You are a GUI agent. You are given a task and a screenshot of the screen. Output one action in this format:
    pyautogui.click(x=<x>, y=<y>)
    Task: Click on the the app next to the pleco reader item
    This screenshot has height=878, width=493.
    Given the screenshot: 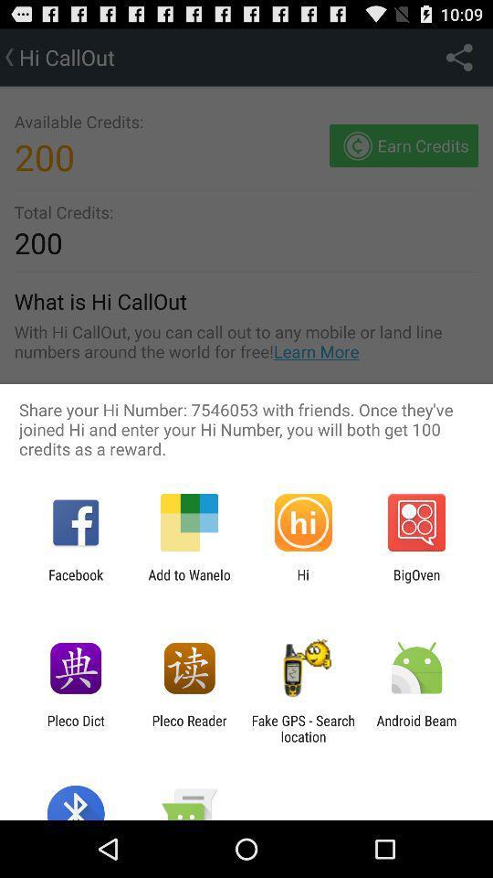 What is the action you would take?
    pyautogui.click(x=75, y=728)
    